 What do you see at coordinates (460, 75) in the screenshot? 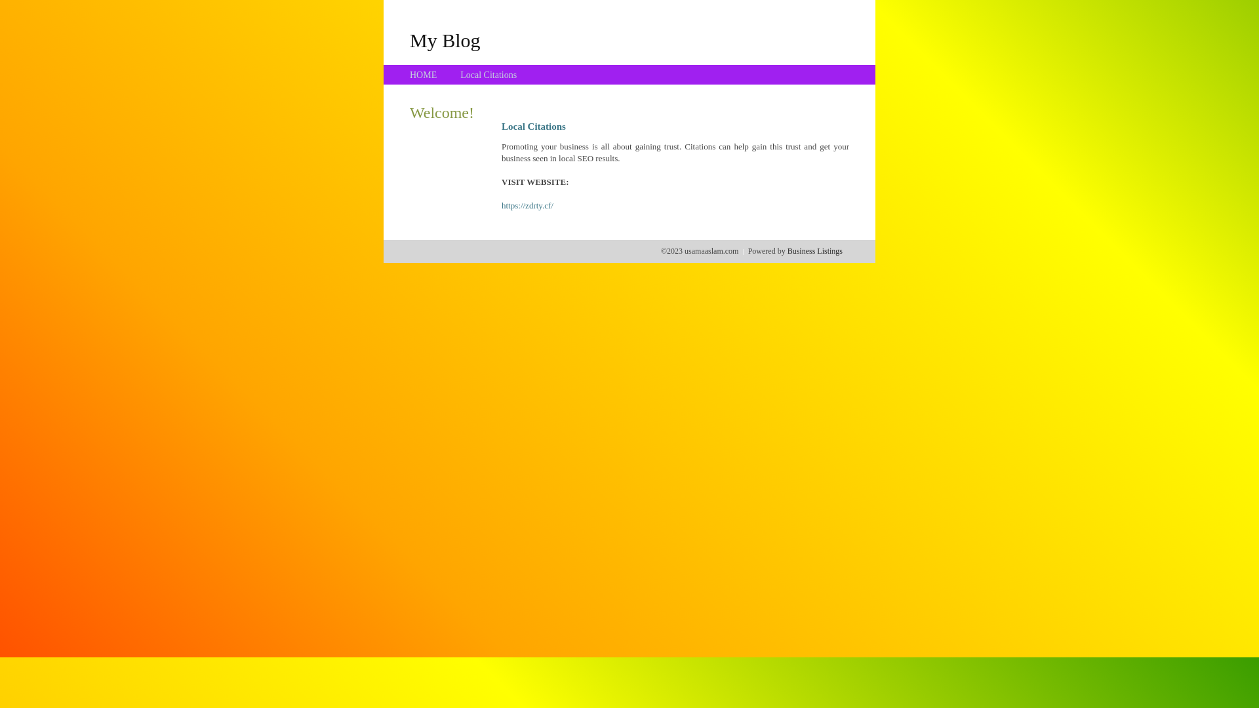
I see `'Local Citations'` at bounding box center [460, 75].